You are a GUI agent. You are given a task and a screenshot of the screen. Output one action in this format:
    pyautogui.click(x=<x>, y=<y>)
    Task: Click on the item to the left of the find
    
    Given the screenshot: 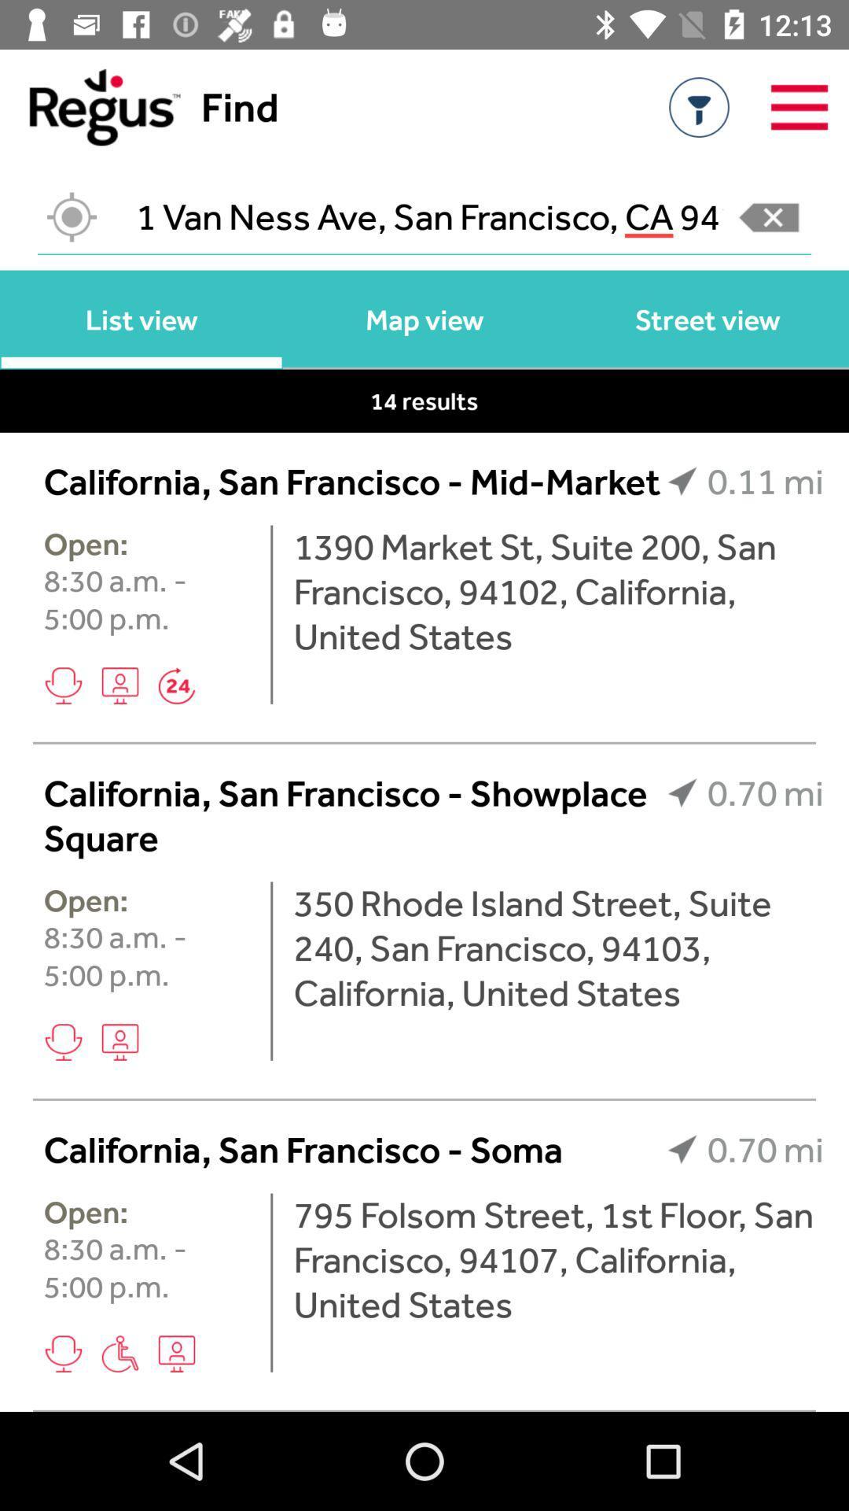 What is the action you would take?
    pyautogui.click(x=90, y=106)
    